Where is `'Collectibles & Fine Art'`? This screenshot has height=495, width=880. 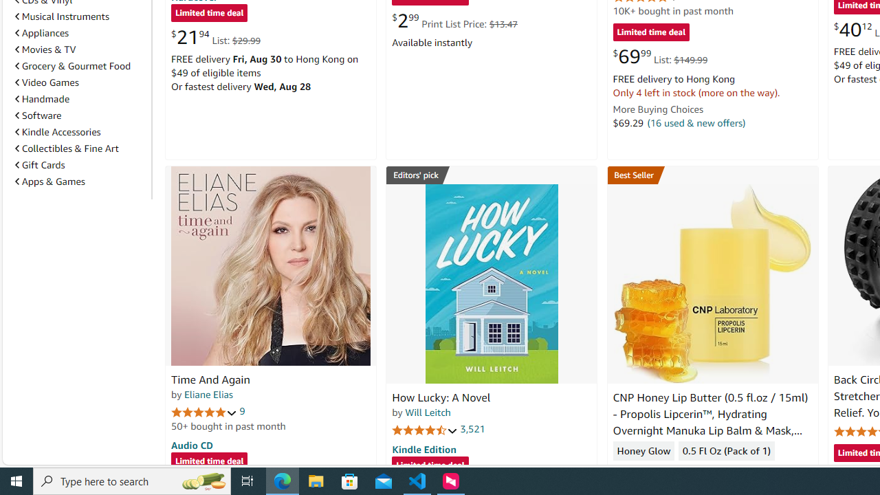 'Collectibles & Fine Art' is located at coordinates (66, 148).